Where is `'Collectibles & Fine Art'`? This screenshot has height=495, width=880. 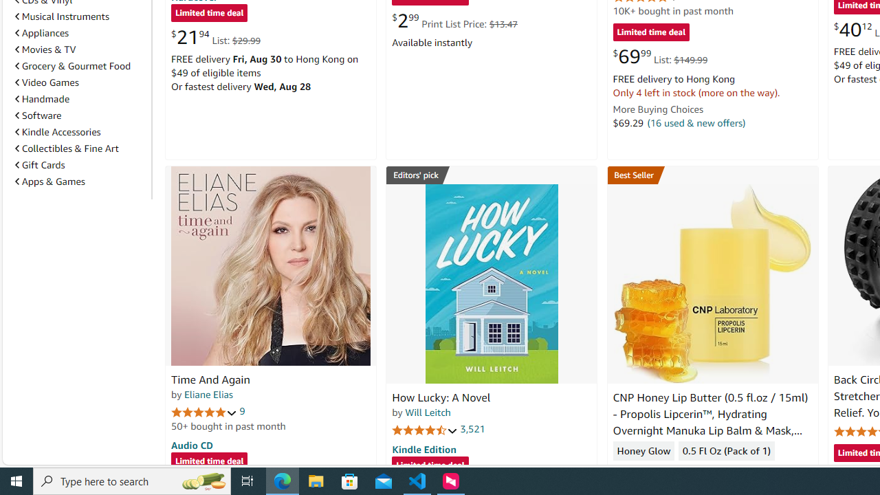 'Collectibles & Fine Art' is located at coordinates (66, 148).